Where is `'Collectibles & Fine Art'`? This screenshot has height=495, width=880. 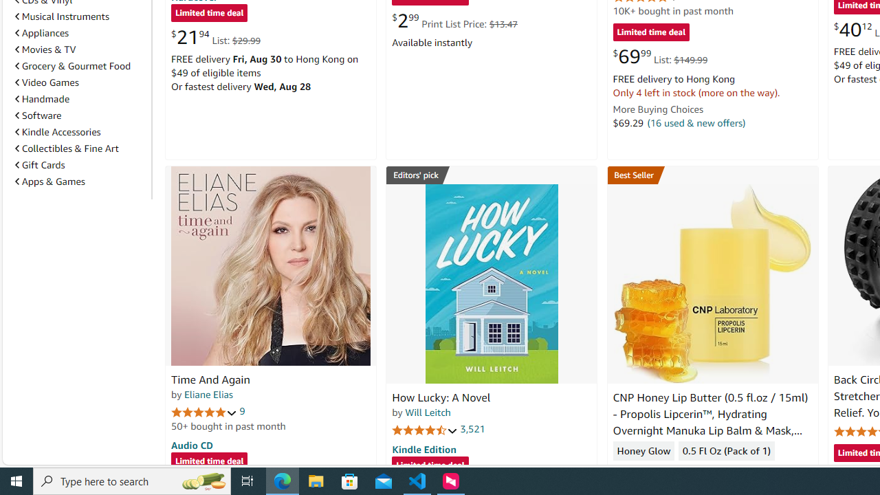 'Collectibles & Fine Art' is located at coordinates (66, 148).